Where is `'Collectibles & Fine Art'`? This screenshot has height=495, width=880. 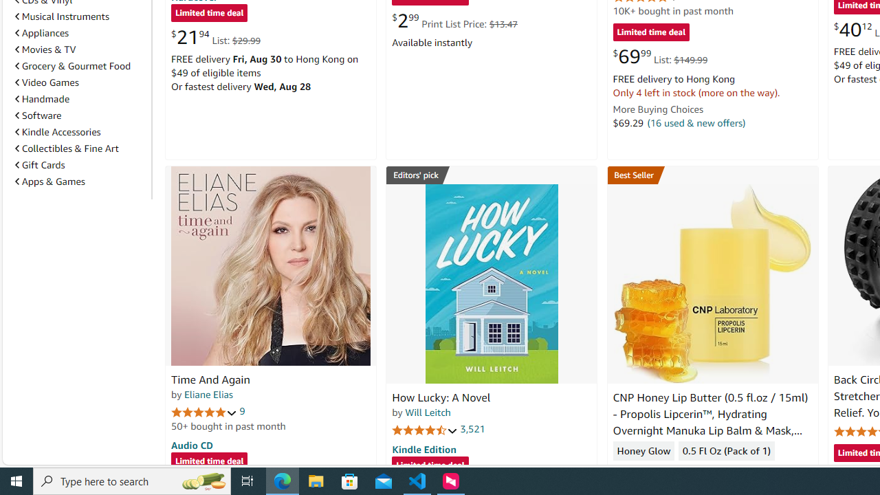 'Collectibles & Fine Art' is located at coordinates (66, 148).